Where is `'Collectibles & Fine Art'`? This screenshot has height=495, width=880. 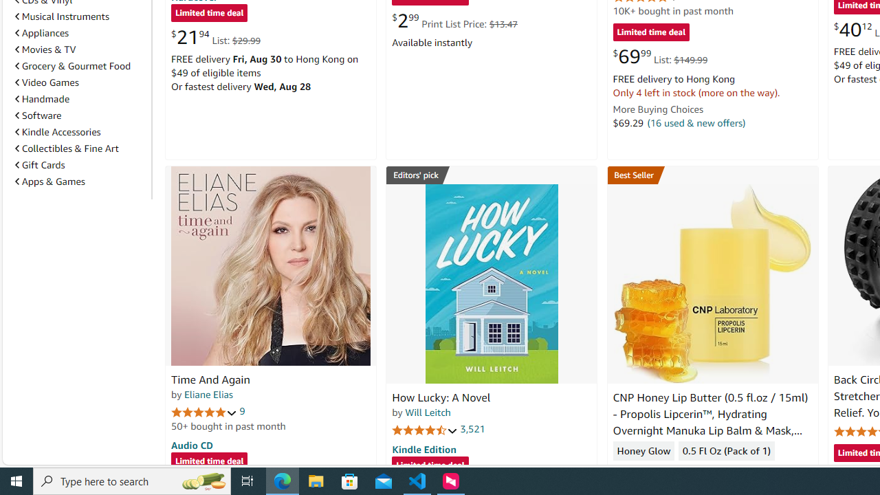 'Collectibles & Fine Art' is located at coordinates (66, 148).